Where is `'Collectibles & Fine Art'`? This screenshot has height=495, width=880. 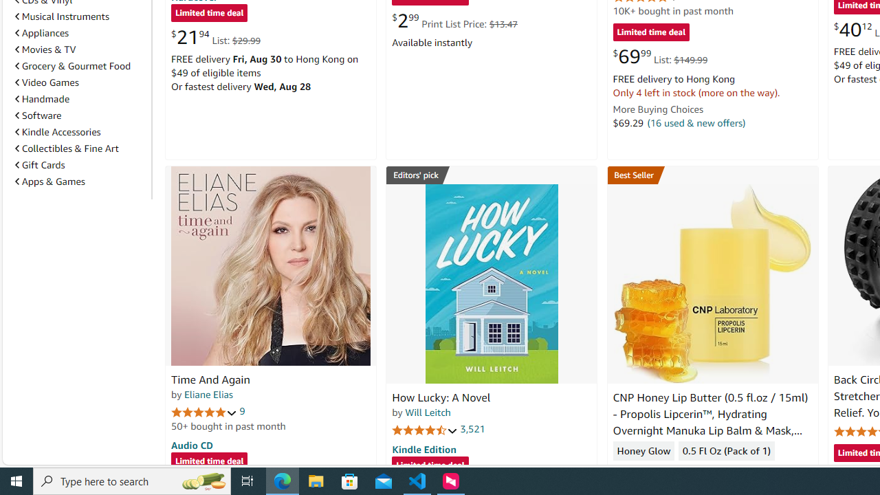 'Collectibles & Fine Art' is located at coordinates (66, 148).